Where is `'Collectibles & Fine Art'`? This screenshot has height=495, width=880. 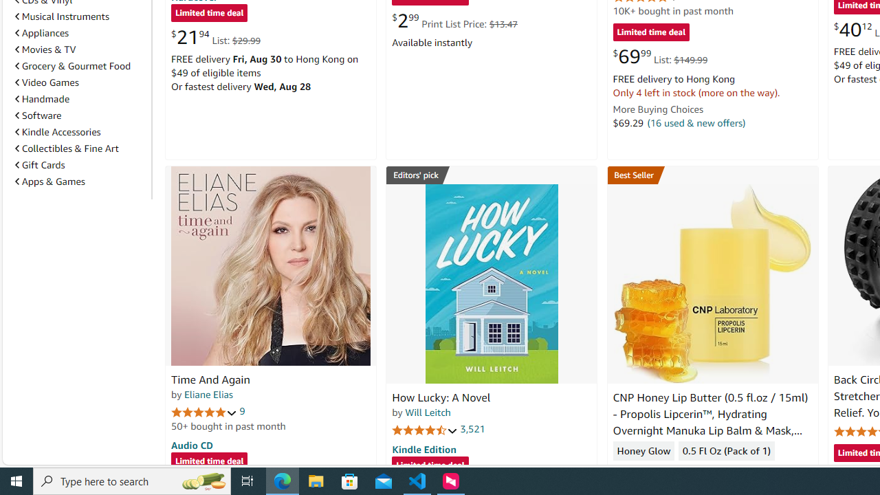 'Collectibles & Fine Art' is located at coordinates (66, 148).